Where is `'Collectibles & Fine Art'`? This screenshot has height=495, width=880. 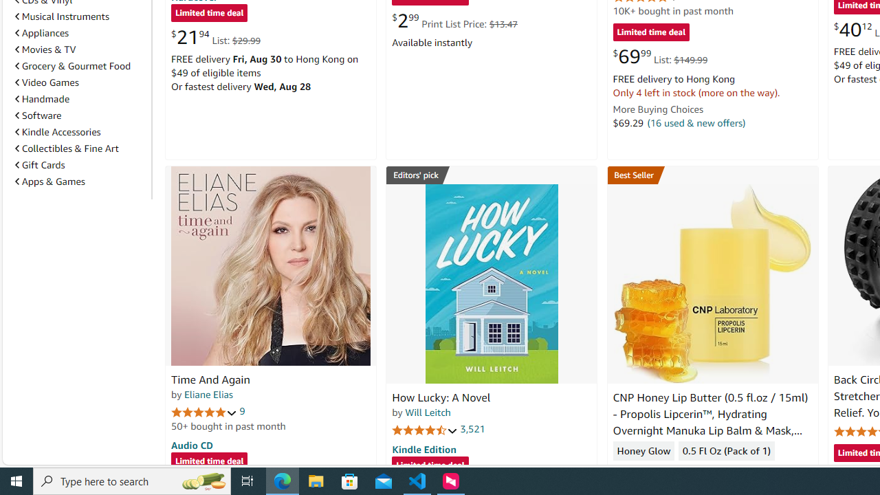 'Collectibles & Fine Art' is located at coordinates (66, 148).